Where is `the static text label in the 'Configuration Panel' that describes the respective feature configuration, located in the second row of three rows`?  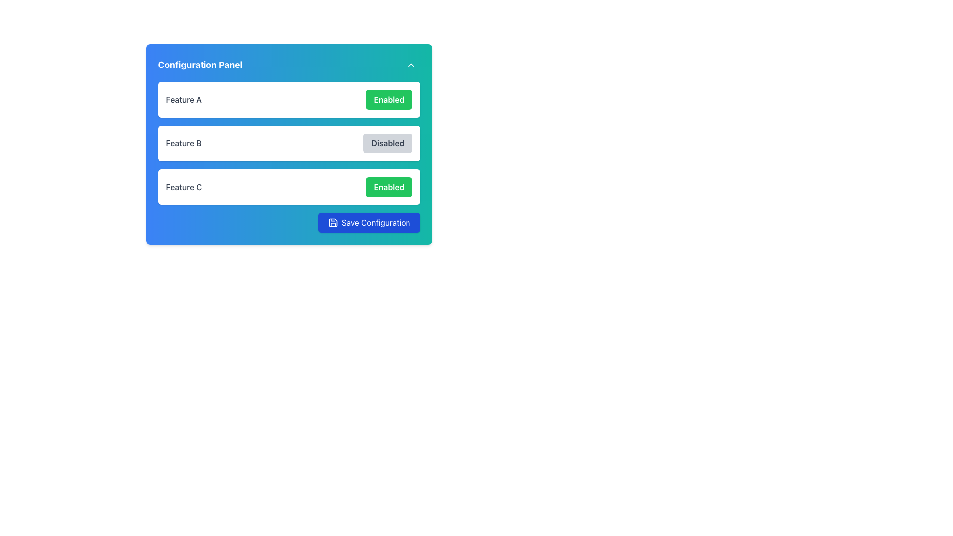 the static text label in the 'Configuration Panel' that describes the respective feature configuration, located in the second row of three rows is located at coordinates (183, 143).